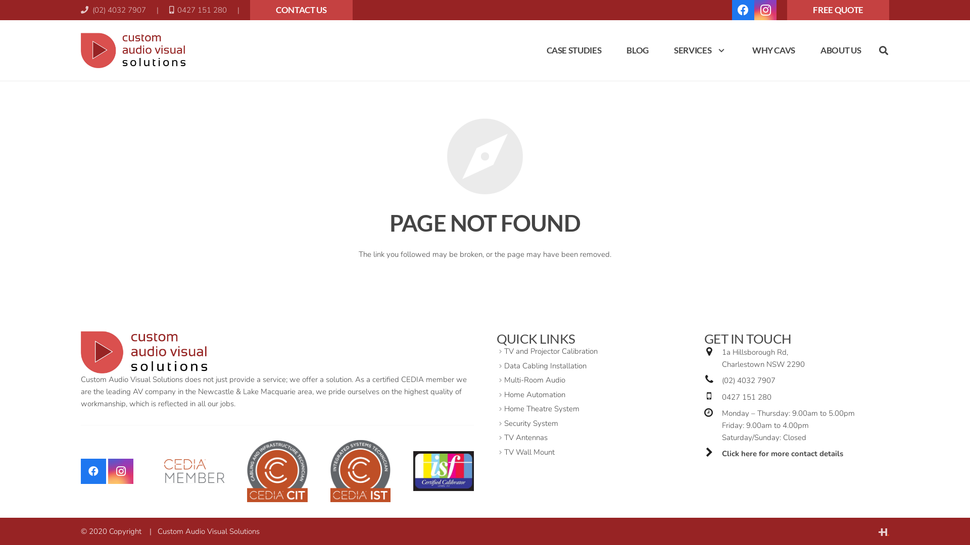 Image resolution: width=970 pixels, height=545 pixels. I want to click on 'ABOUT US', so click(841, 50).